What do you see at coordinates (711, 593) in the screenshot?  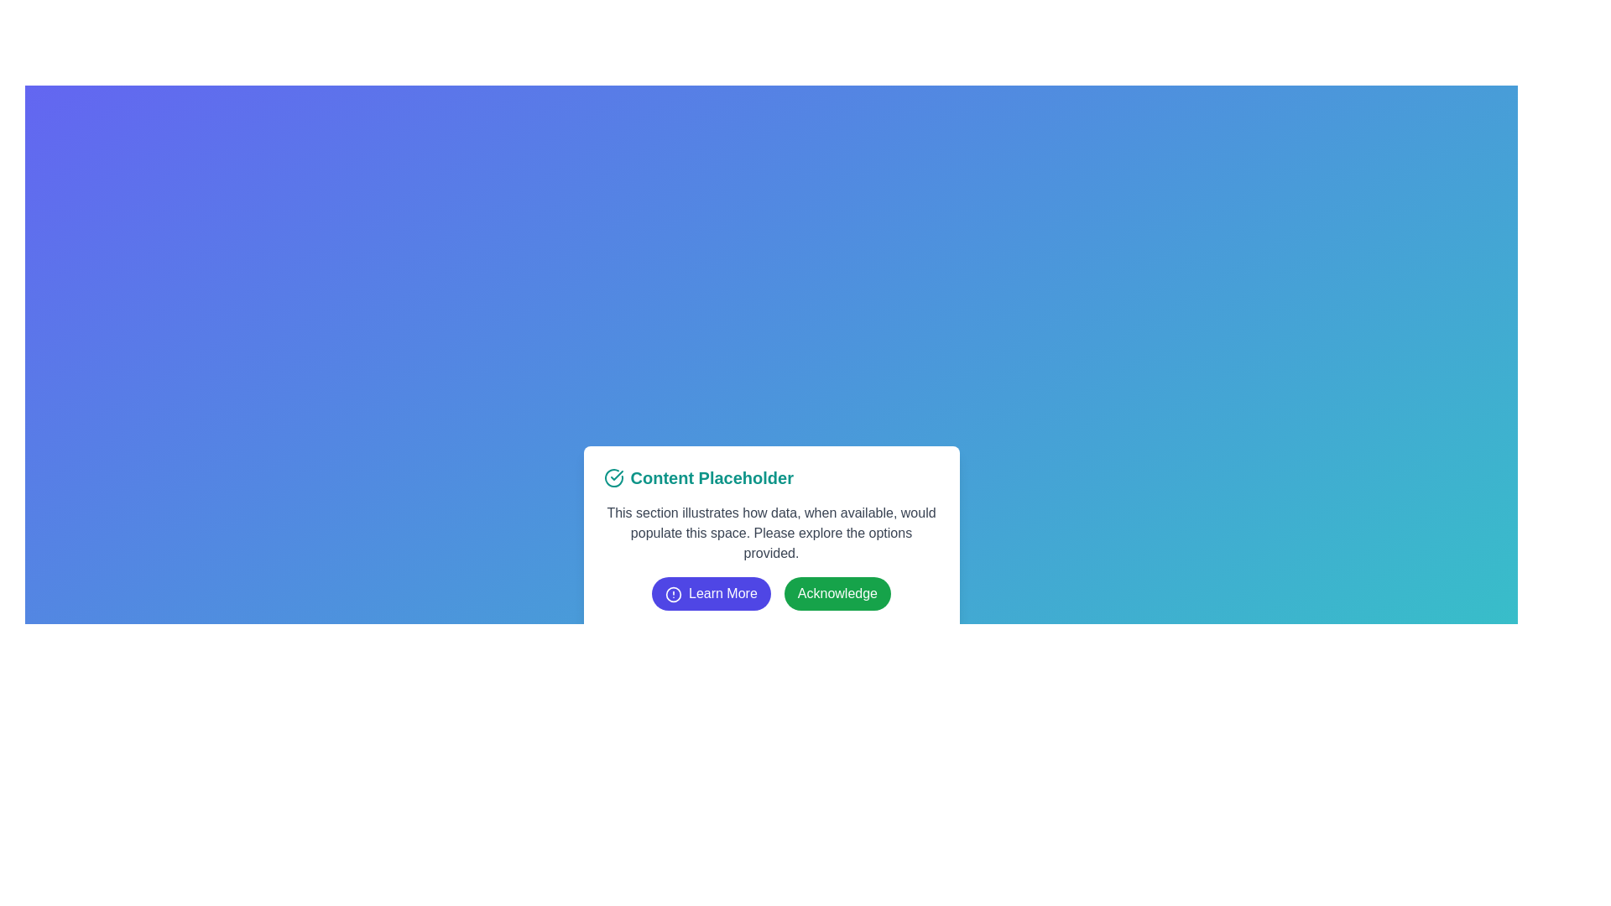 I see `the 'Learn More' button, which is a prominent indigo button with white text and an exclamation mark icon` at bounding box center [711, 593].